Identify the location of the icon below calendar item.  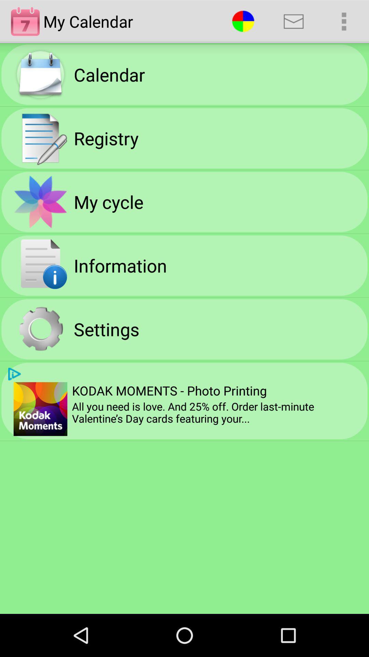
(106, 138).